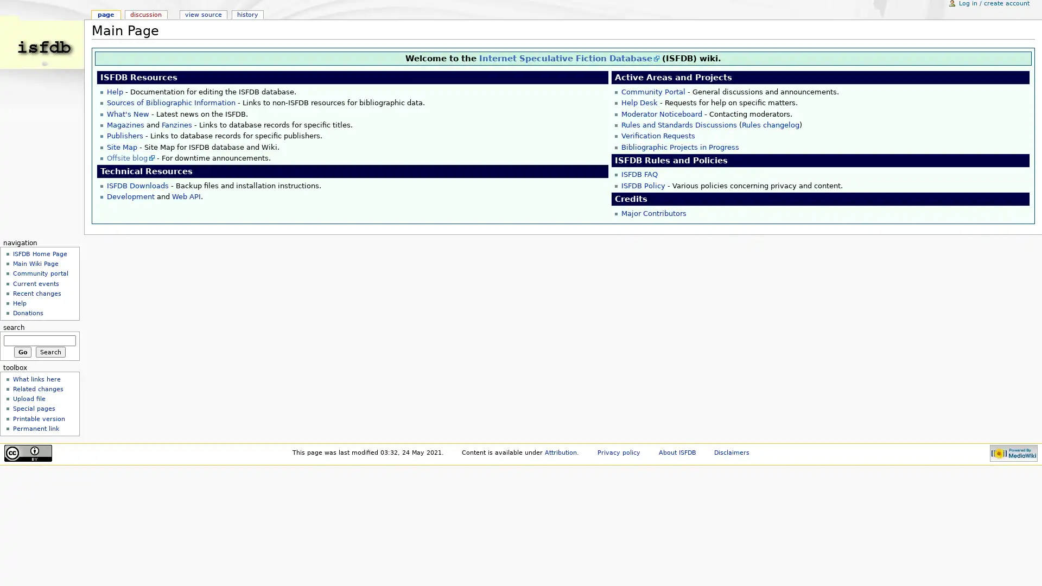 This screenshot has width=1042, height=586. What do you see at coordinates (50, 352) in the screenshot?
I see `Search` at bounding box center [50, 352].